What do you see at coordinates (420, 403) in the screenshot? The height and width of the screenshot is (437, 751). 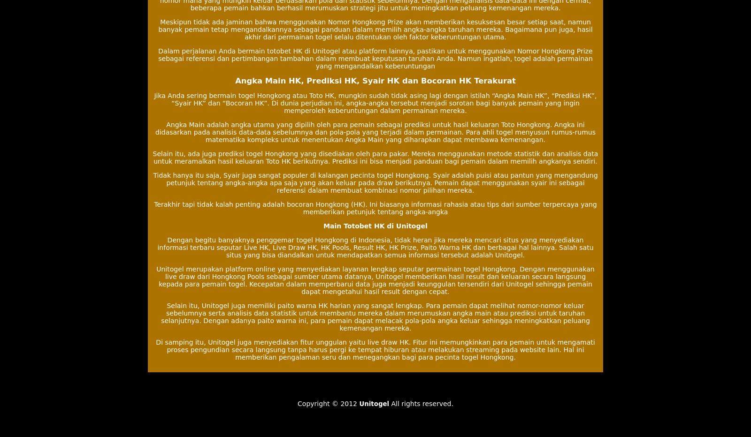 I see `'All rights reserved.'` at bounding box center [420, 403].